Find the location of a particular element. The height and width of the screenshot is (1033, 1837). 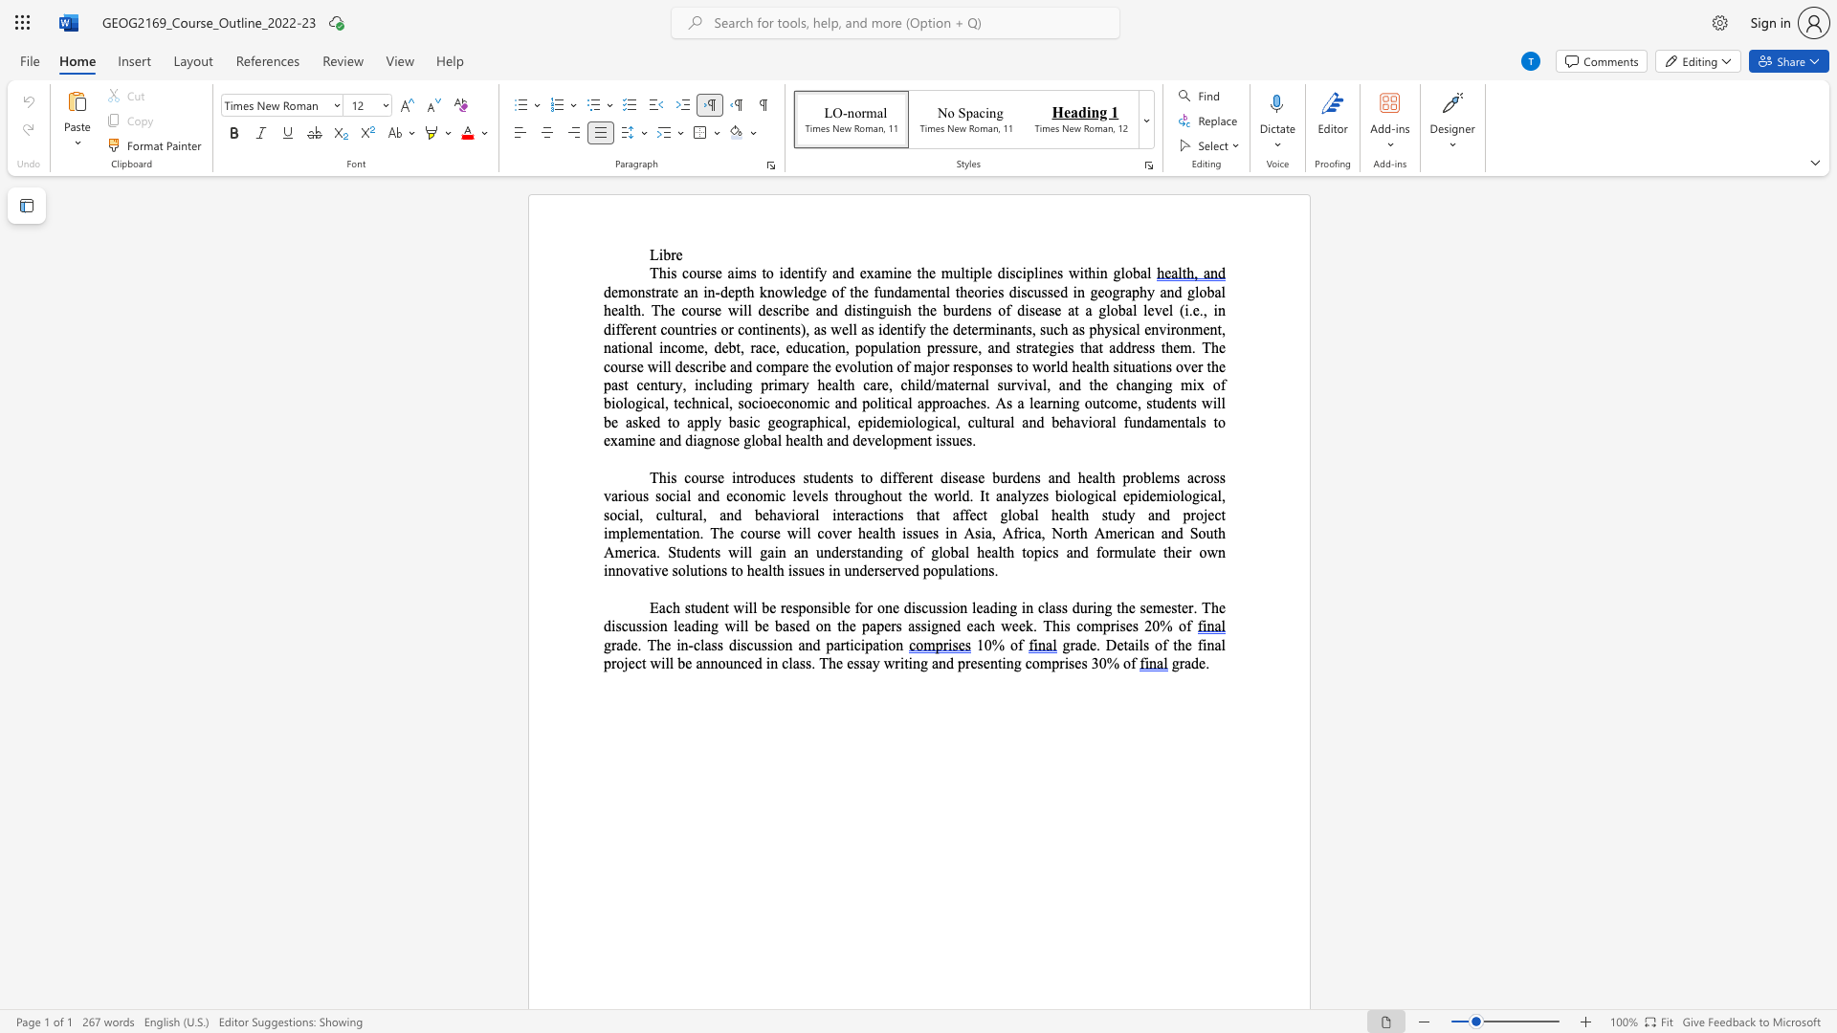

the 15th character "n" in the text is located at coordinates (953, 533).